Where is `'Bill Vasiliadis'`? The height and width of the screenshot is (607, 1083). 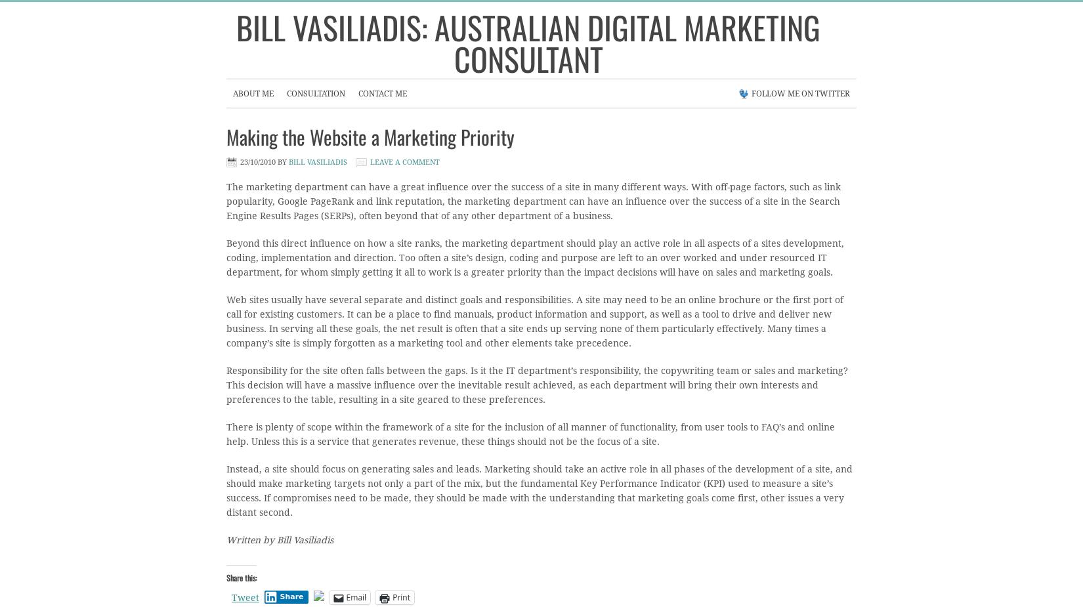
'Bill Vasiliadis' is located at coordinates (317, 161).